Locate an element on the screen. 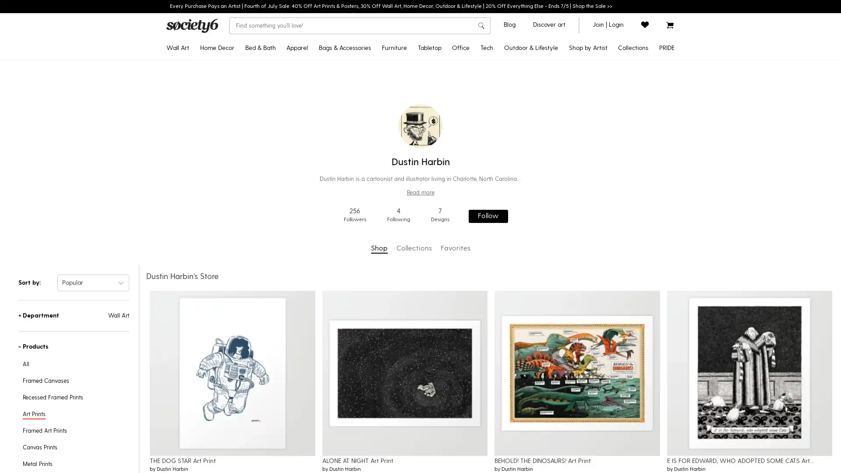 This screenshot has height=473, width=841. Apple Watch Bands is located at coordinates (518, 169).